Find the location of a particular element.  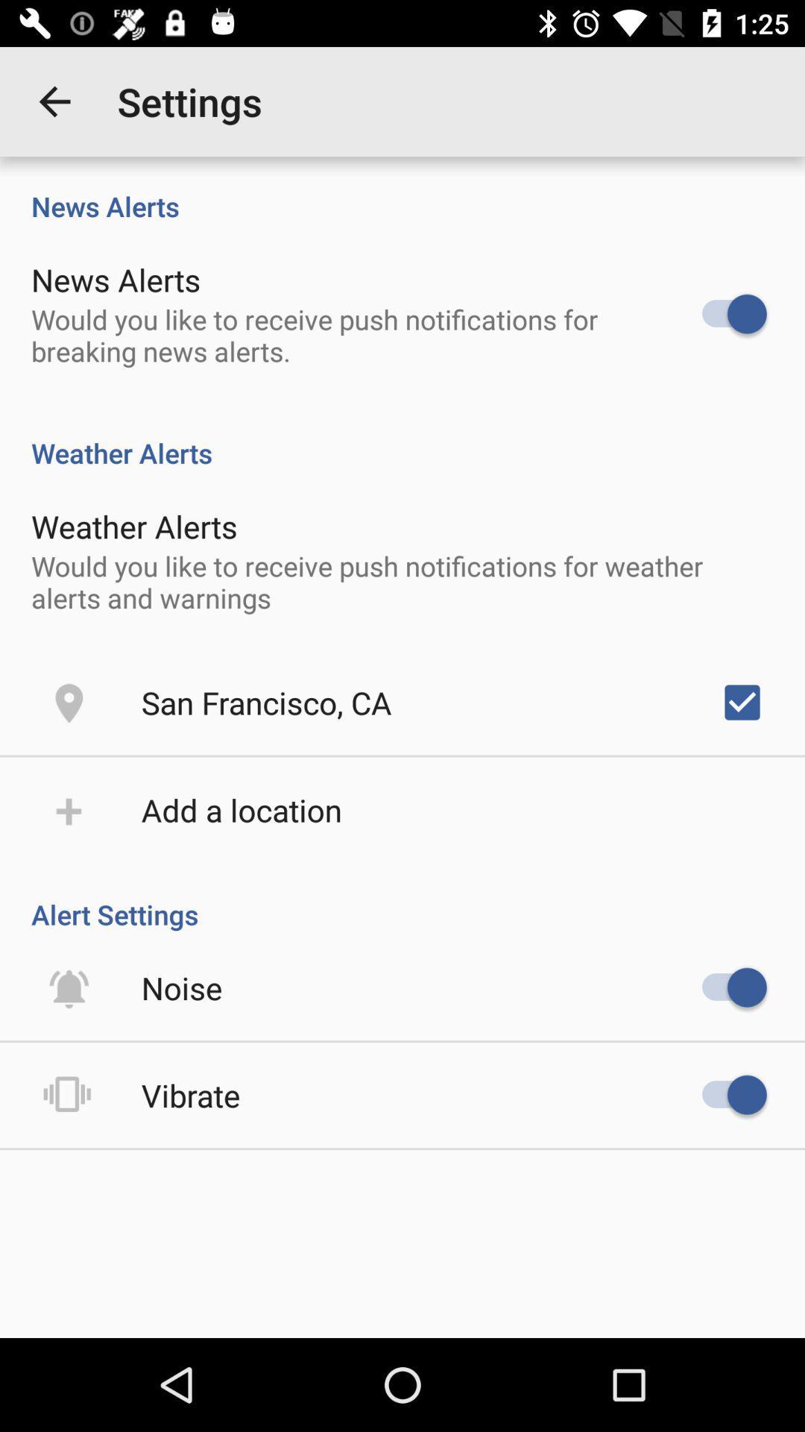

icon below the would you like is located at coordinates (265, 701).